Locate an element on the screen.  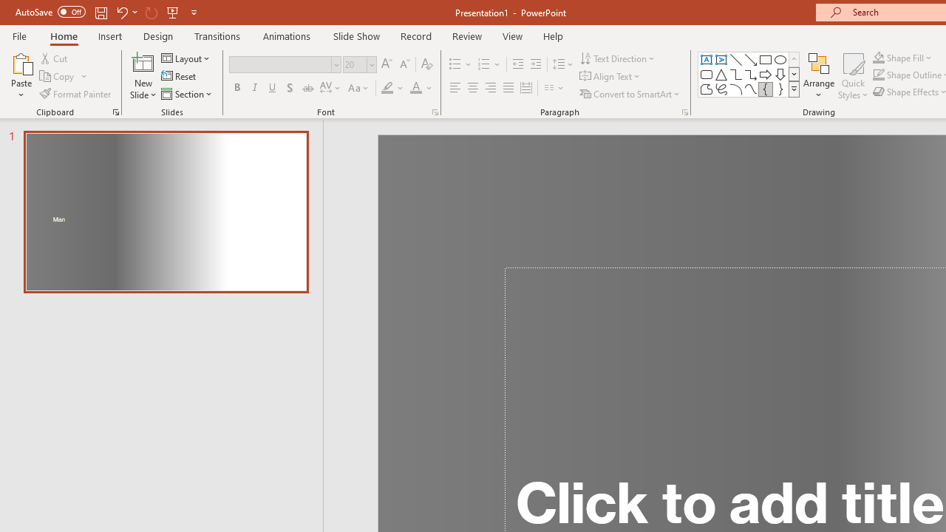
'Arc' is located at coordinates (735, 89).